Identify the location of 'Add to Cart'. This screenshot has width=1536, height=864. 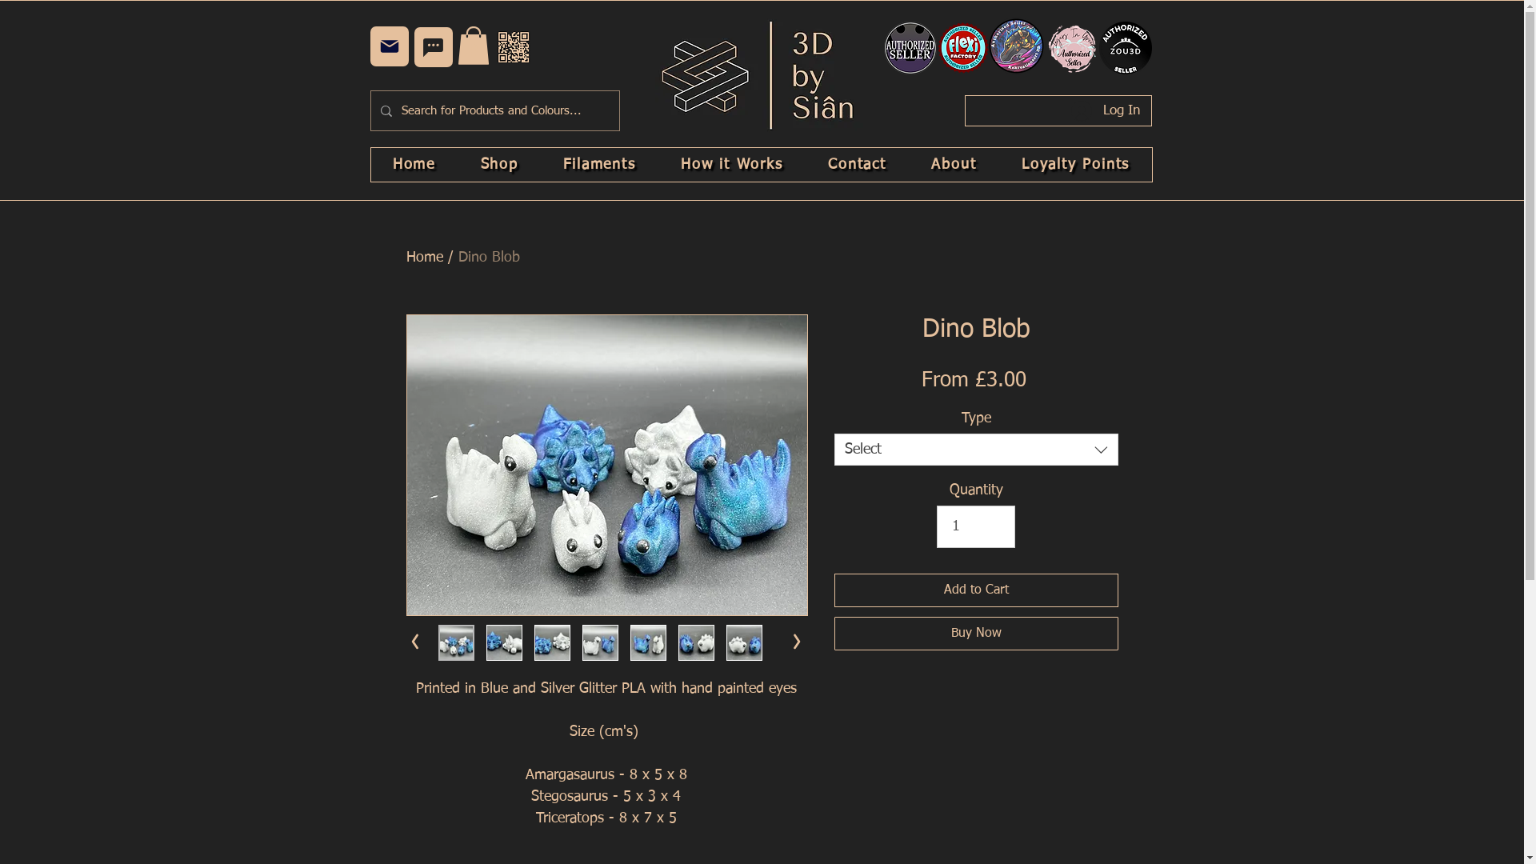
(974, 590).